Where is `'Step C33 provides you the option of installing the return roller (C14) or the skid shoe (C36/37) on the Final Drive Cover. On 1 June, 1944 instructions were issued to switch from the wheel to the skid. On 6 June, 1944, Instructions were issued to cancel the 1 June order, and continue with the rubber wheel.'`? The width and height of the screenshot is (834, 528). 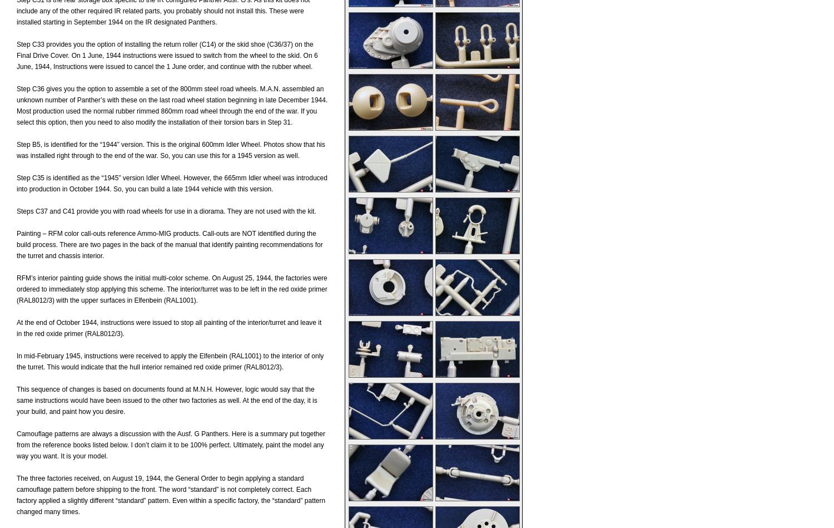
'Step C33 provides you the option of installing the return roller (C14) or the skid shoe (C36/37) on the Final Drive Cover. On 1 June, 1944 instructions were issued to switch from the wheel to the skid. On 6 June, 1944, Instructions were issued to cancel the 1 June order, and continue with the rubber wheel.' is located at coordinates (167, 56).